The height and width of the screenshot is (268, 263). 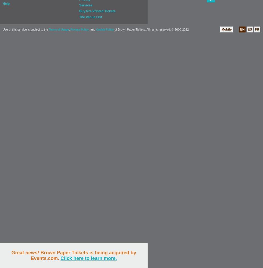 What do you see at coordinates (6, 4) in the screenshot?
I see `'Help'` at bounding box center [6, 4].